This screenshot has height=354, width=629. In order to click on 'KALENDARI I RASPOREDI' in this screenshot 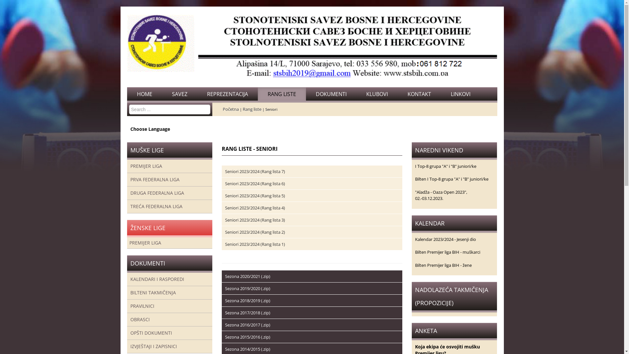, I will do `click(170, 279)`.